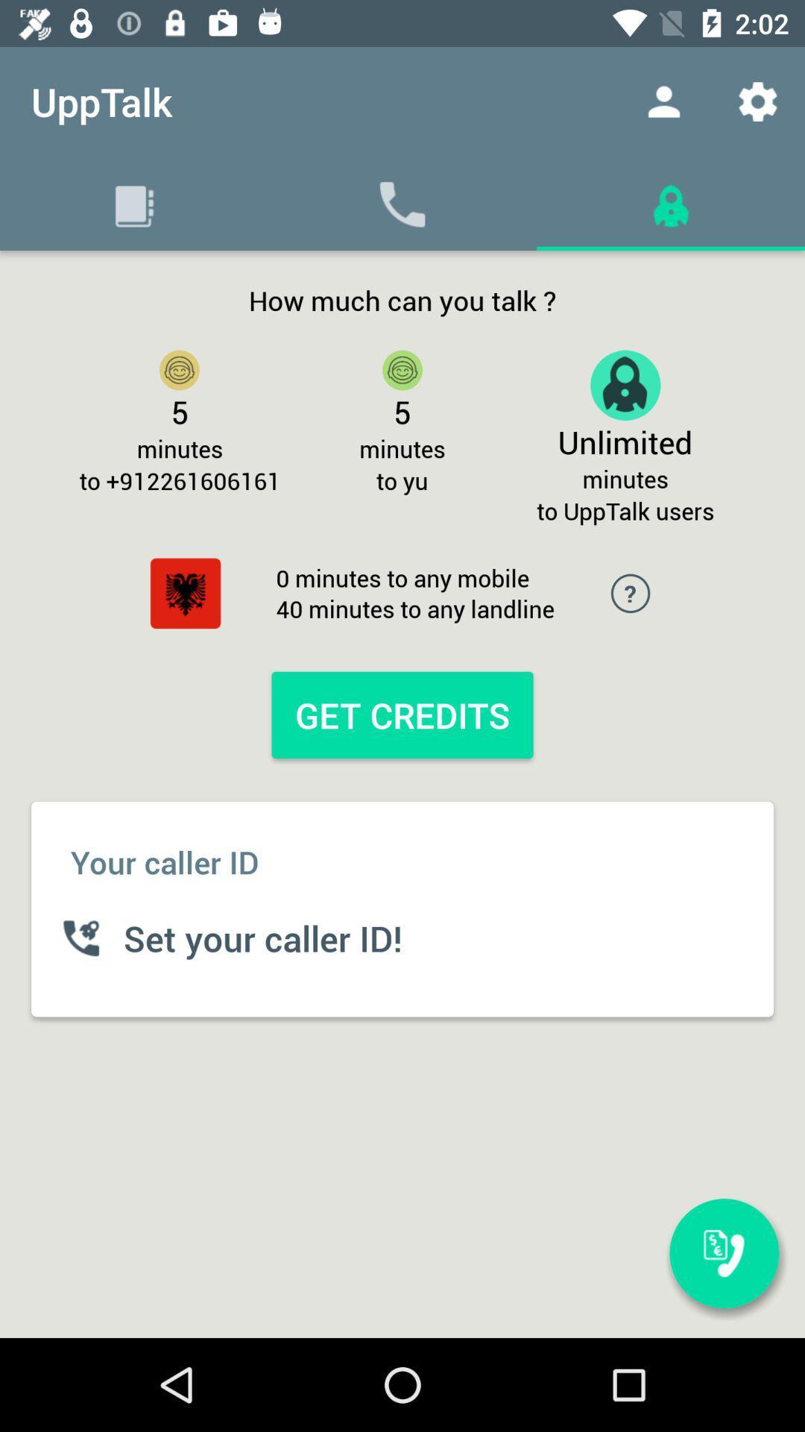  Describe the element at coordinates (185, 592) in the screenshot. I see `item above the your caller id item` at that location.